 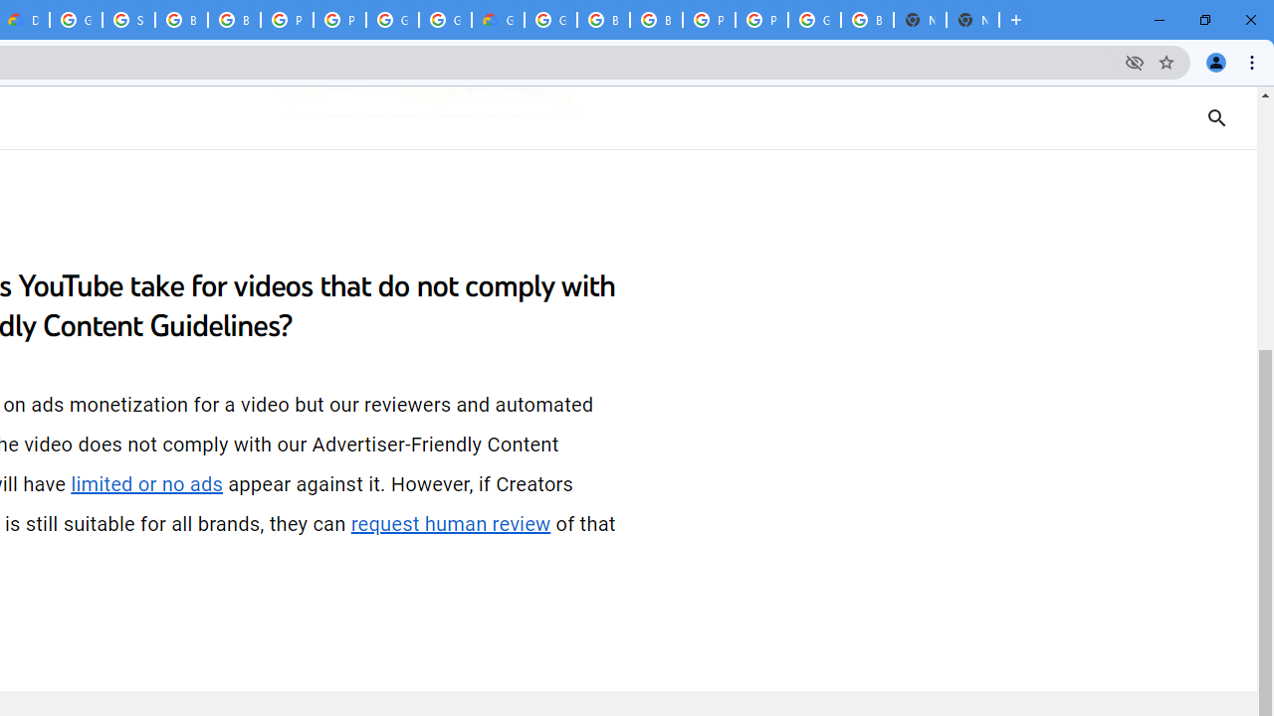 What do you see at coordinates (127, 20) in the screenshot?
I see `'Sign in - Google Accounts'` at bounding box center [127, 20].